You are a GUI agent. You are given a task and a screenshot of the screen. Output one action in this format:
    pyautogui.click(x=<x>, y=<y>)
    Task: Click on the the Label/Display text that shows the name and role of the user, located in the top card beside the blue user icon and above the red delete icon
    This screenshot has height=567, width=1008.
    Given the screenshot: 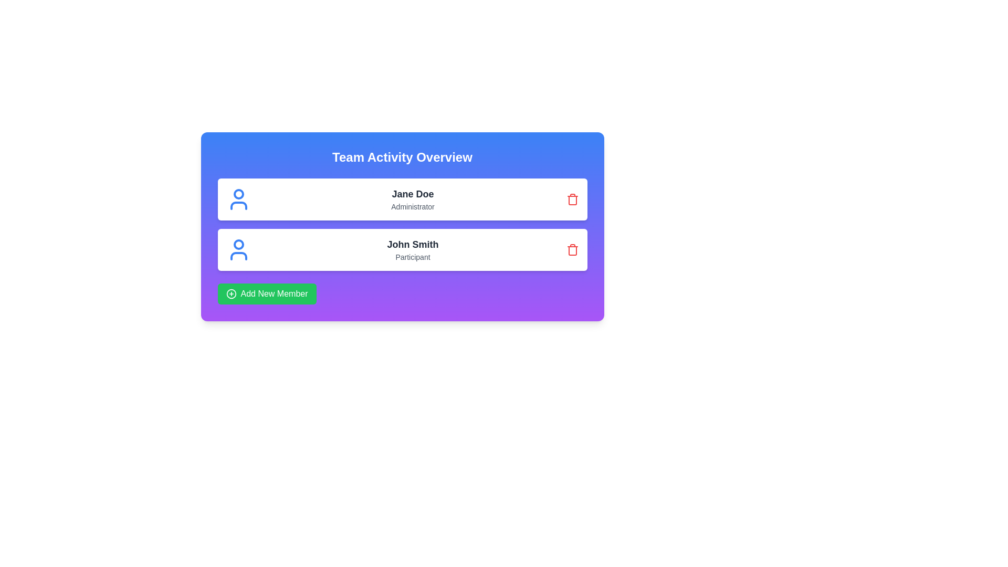 What is the action you would take?
    pyautogui.click(x=412, y=199)
    